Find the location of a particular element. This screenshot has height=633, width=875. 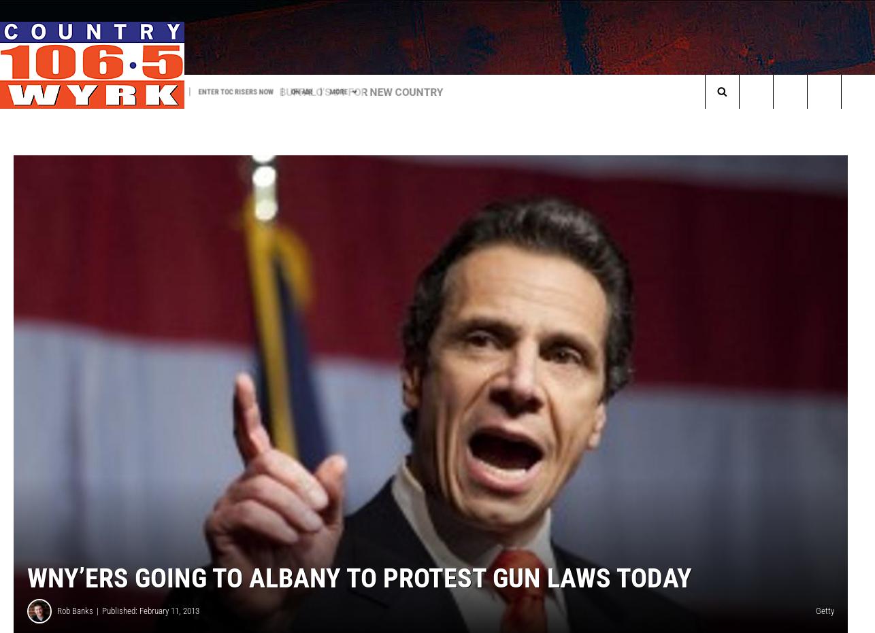

'Community Cornerstone' is located at coordinates (416, 118).